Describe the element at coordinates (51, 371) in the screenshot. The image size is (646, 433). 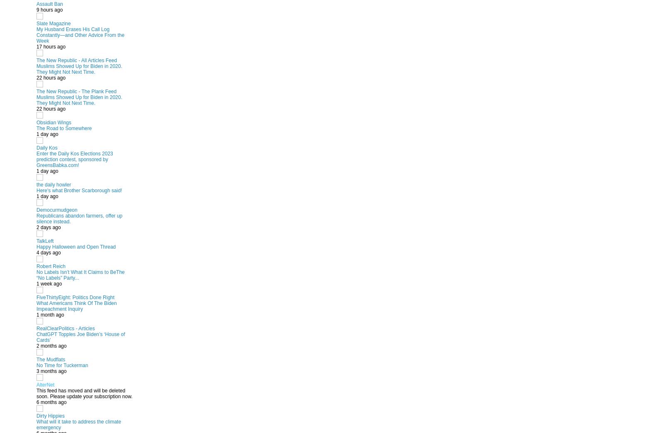
I see `'3 months ago'` at that location.